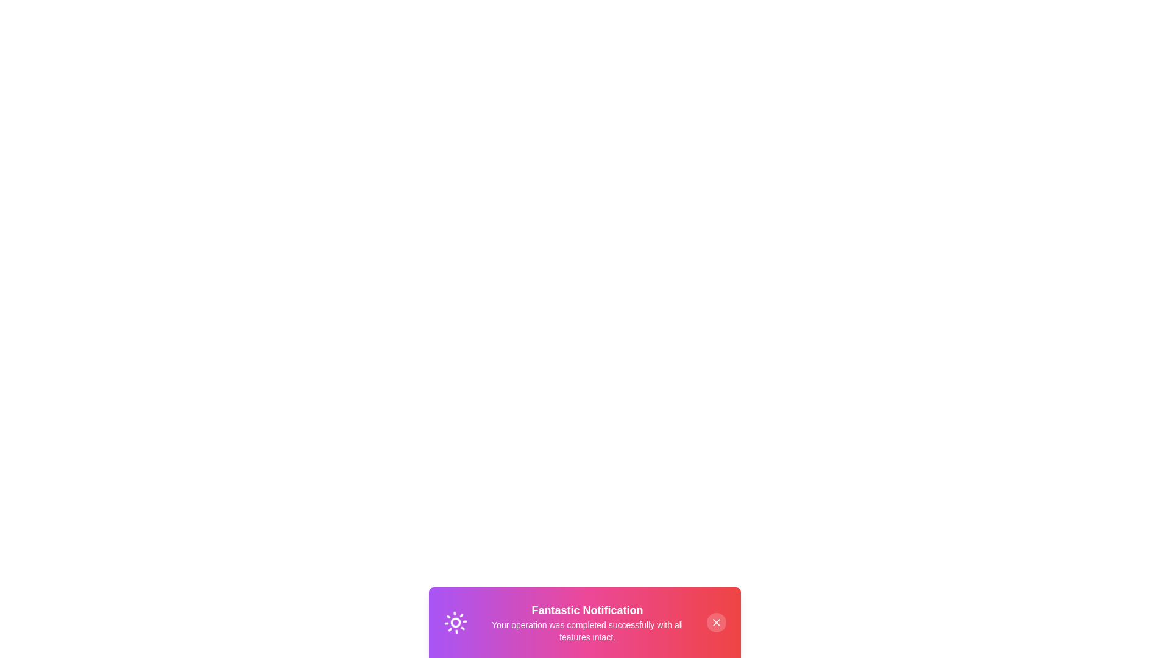  Describe the element at coordinates (585, 623) in the screenshot. I see `the text to select it` at that location.